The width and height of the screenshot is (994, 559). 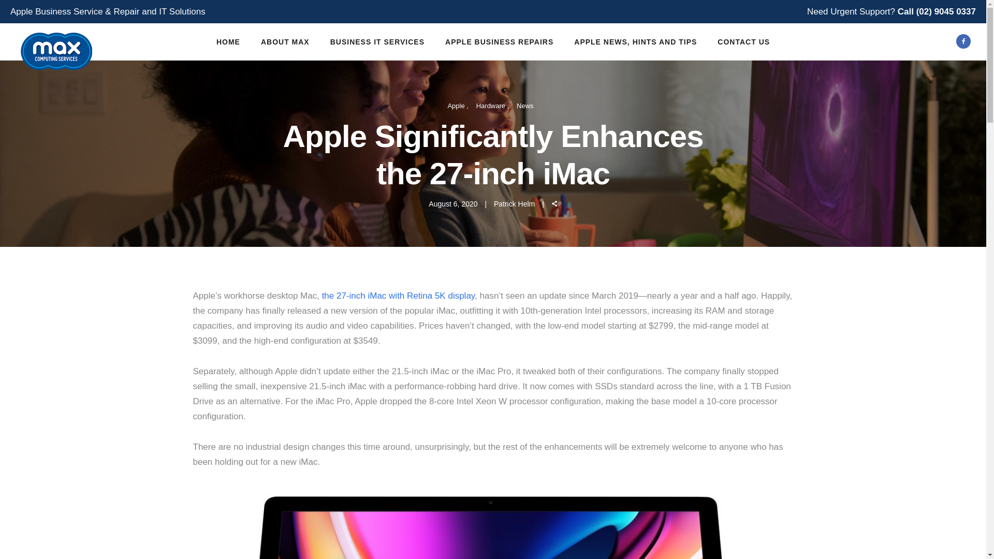 I want to click on 'CONTACT US', so click(x=743, y=41).